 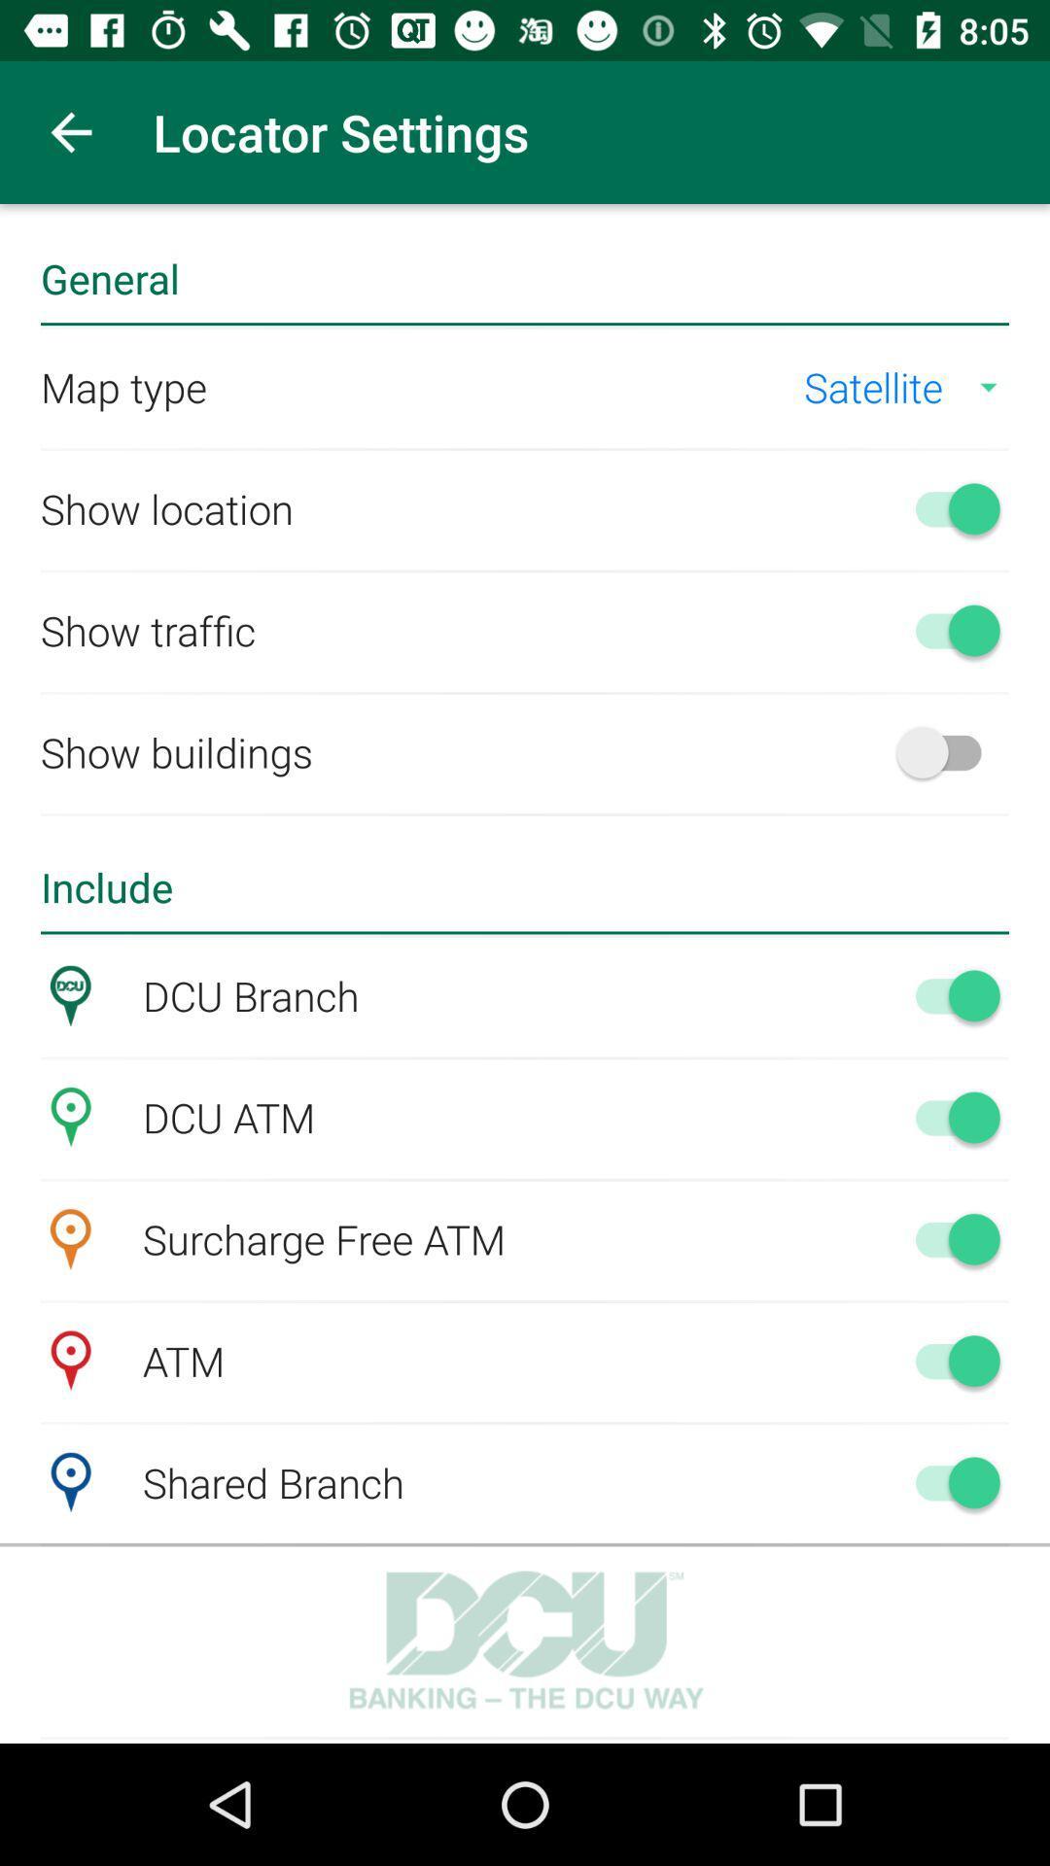 What do you see at coordinates (947, 750) in the screenshot?
I see `show builders option` at bounding box center [947, 750].